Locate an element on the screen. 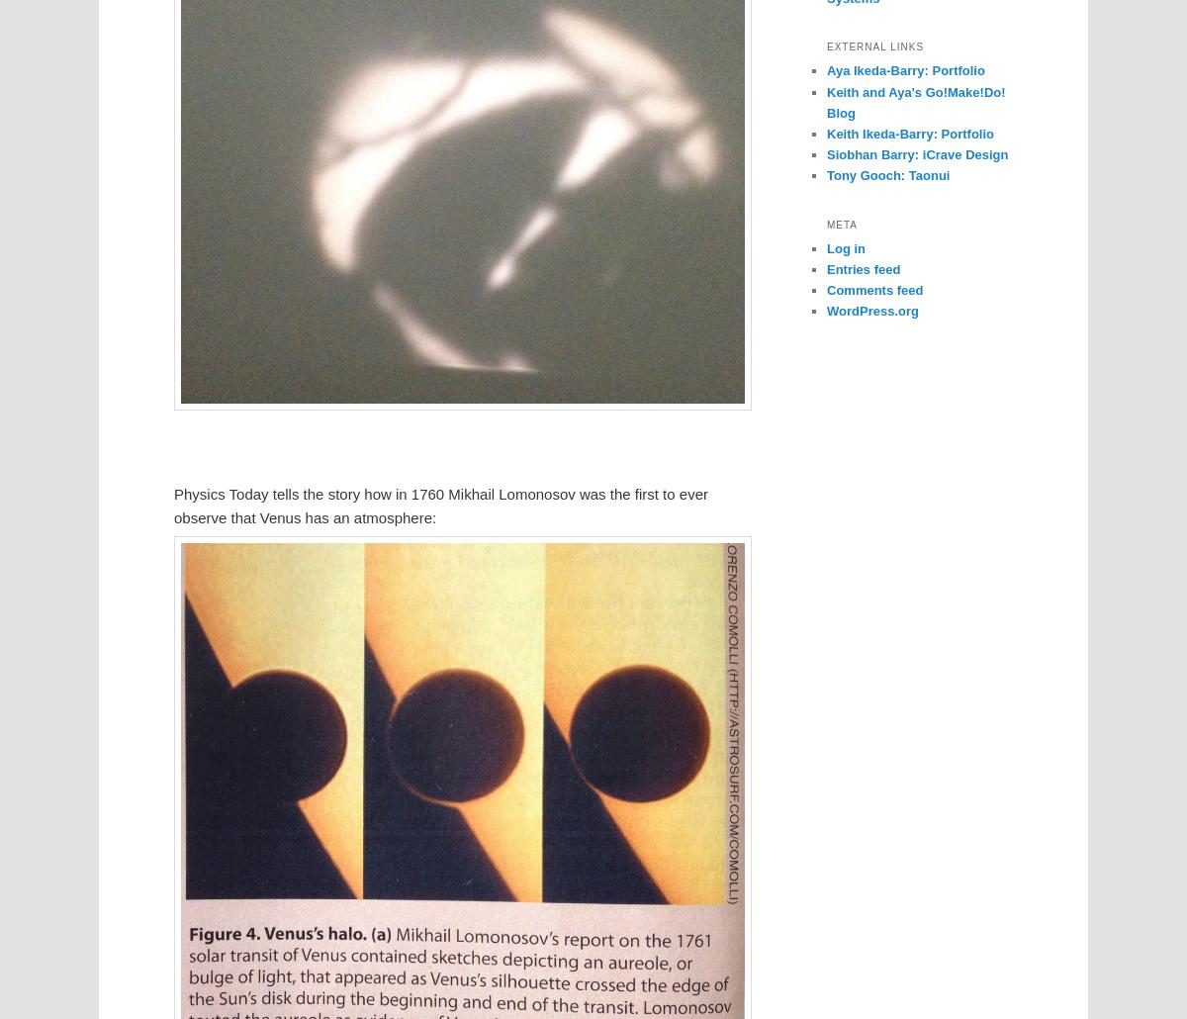 The width and height of the screenshot is (1187, 1019). 'Tony Gooch: Taonui' is located at coordinates (886, 175).